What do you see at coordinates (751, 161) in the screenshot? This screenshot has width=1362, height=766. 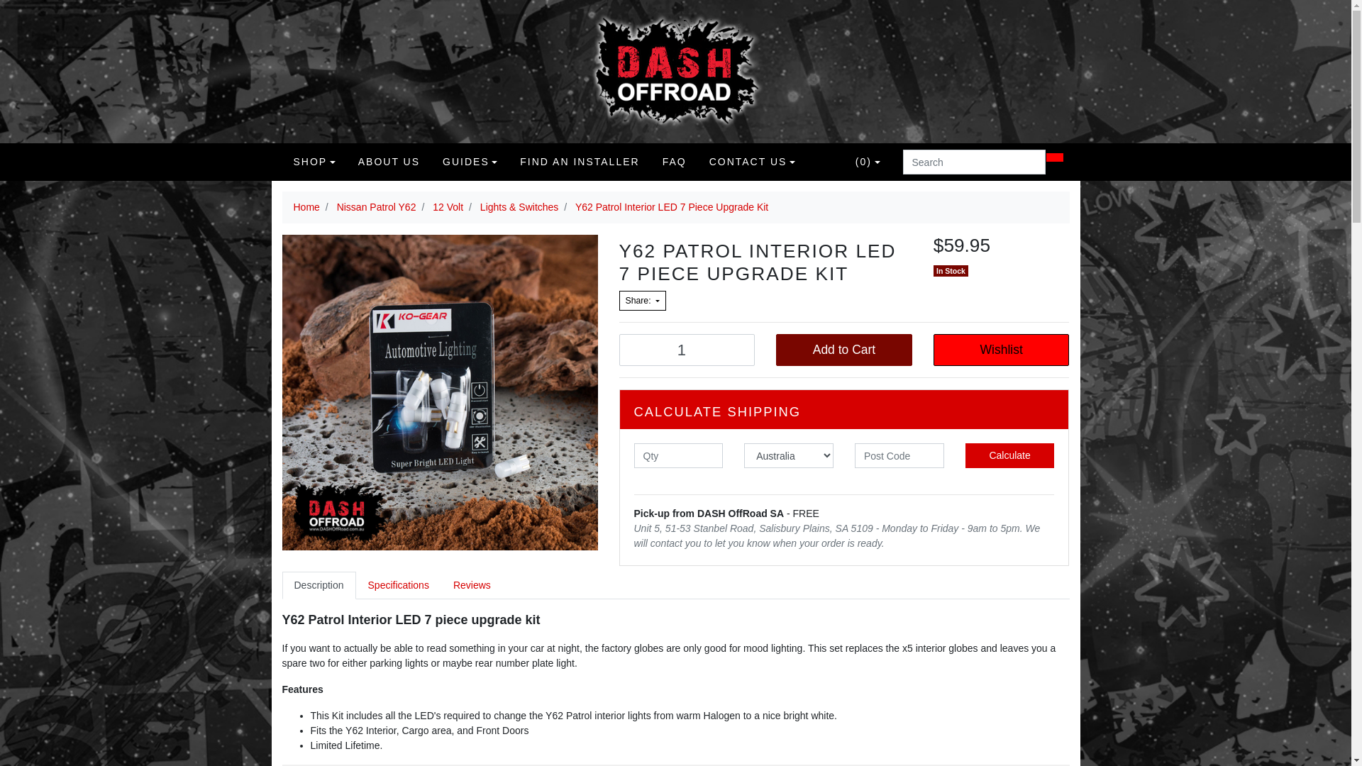 I see `'CONTACT US'` at bounding box center [751, 161].